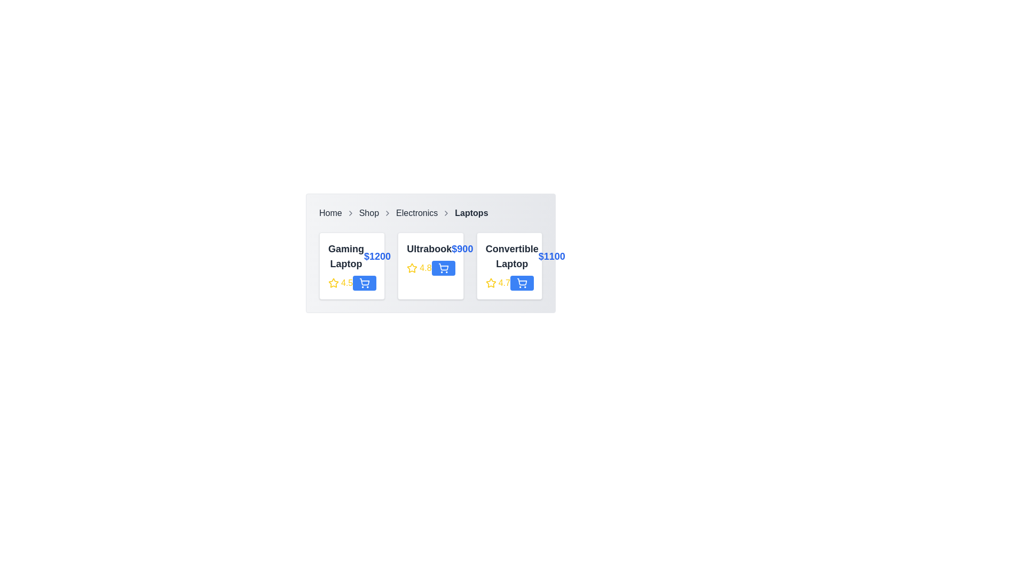 Image resolution: width=1025 pixels, height=576 pixels. I want to click on the shopping cart icon within the blue button at the bottom of the 'Gaming Laptop' card, so click(365, 283).